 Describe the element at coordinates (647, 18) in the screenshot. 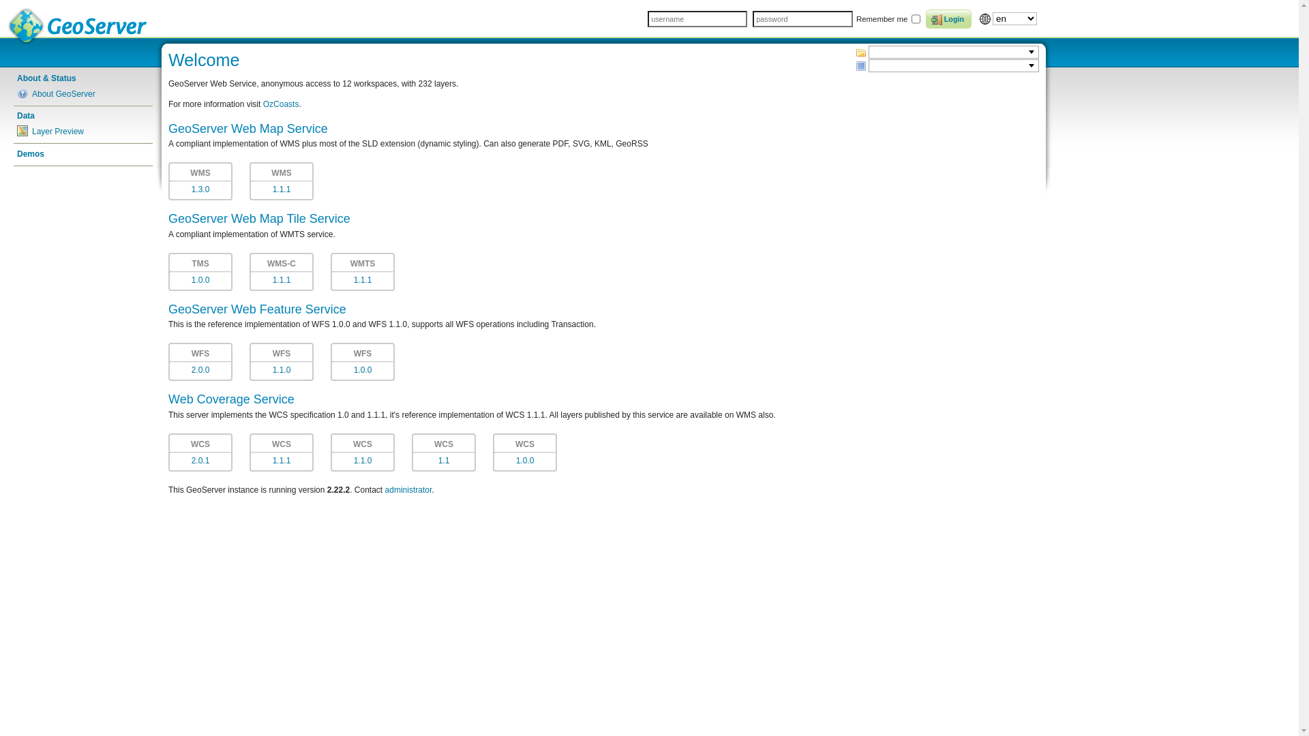

I see `'username'` at that location.